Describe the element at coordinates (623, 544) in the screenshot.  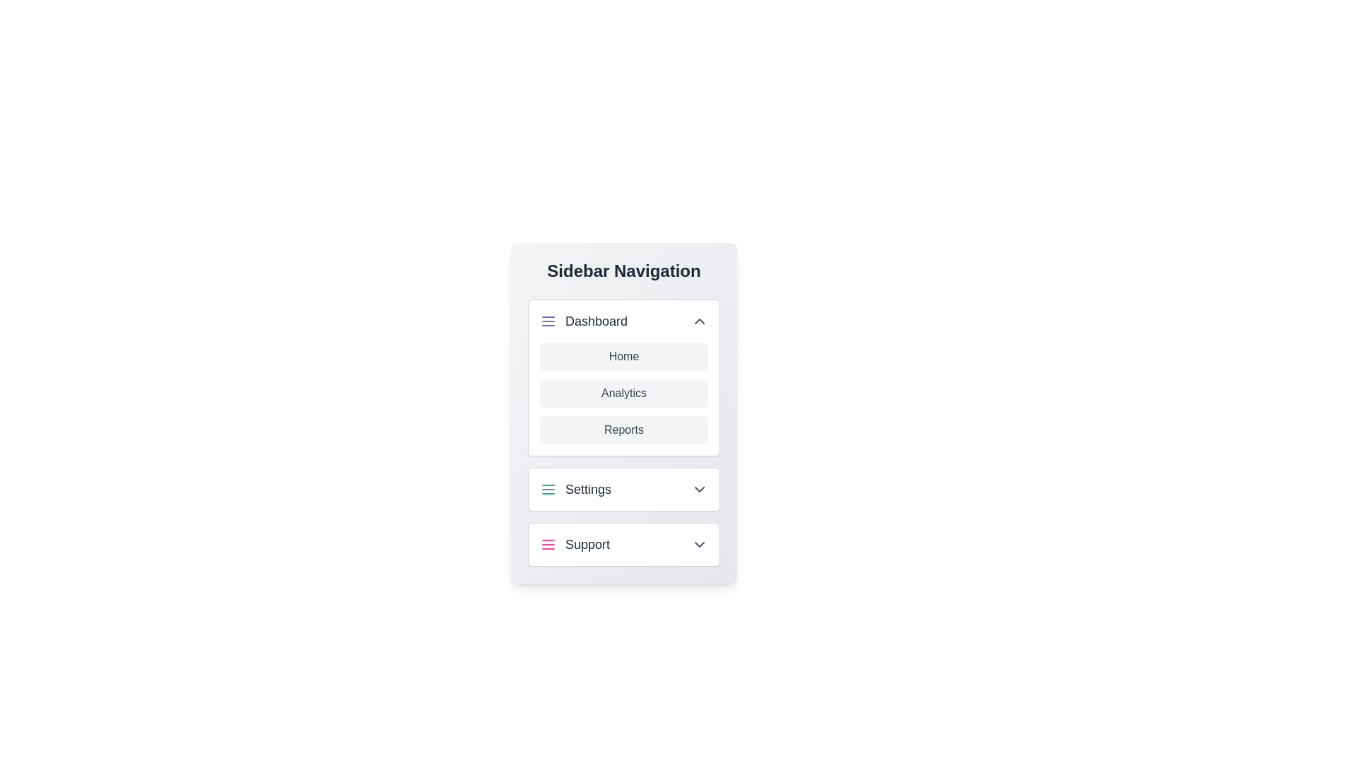
I see `the 'Support' Dropdown menu trigger located at the bottom of the 'Sidebar Navigation' panel` at that location.